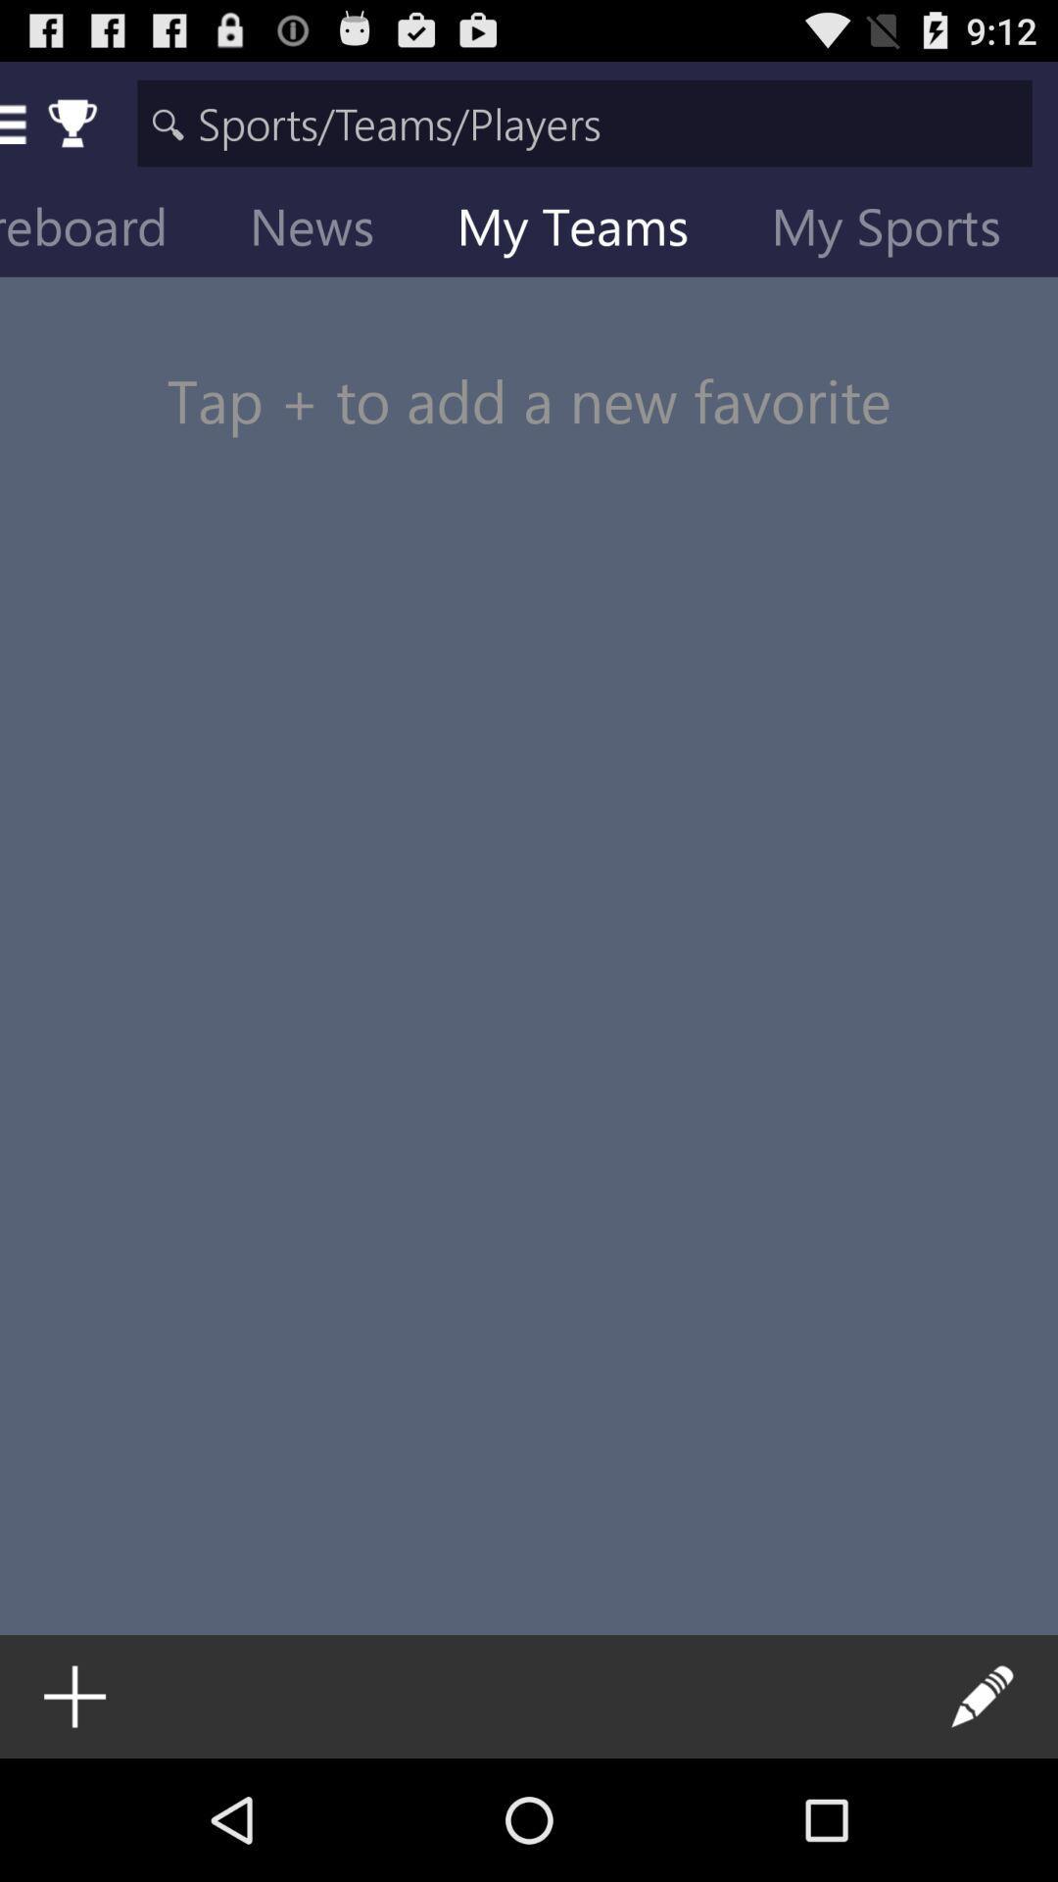 The height and width of the screenshot is (1882, 1058). I want to click on icon below the scoreboard item, so click(529, 363).